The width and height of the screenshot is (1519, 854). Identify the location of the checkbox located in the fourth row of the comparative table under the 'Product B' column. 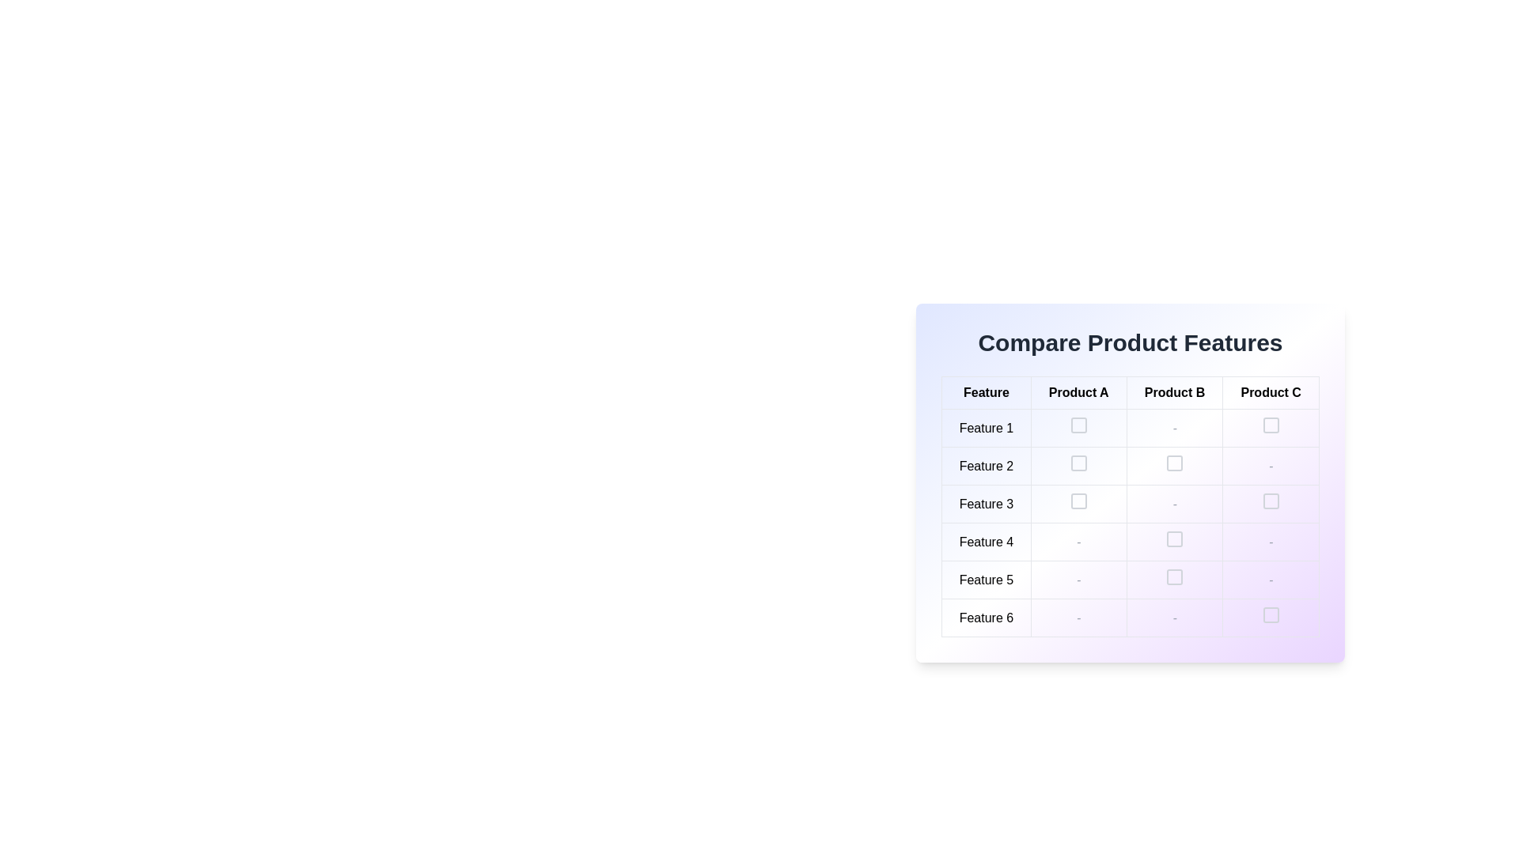
(1175, 538).